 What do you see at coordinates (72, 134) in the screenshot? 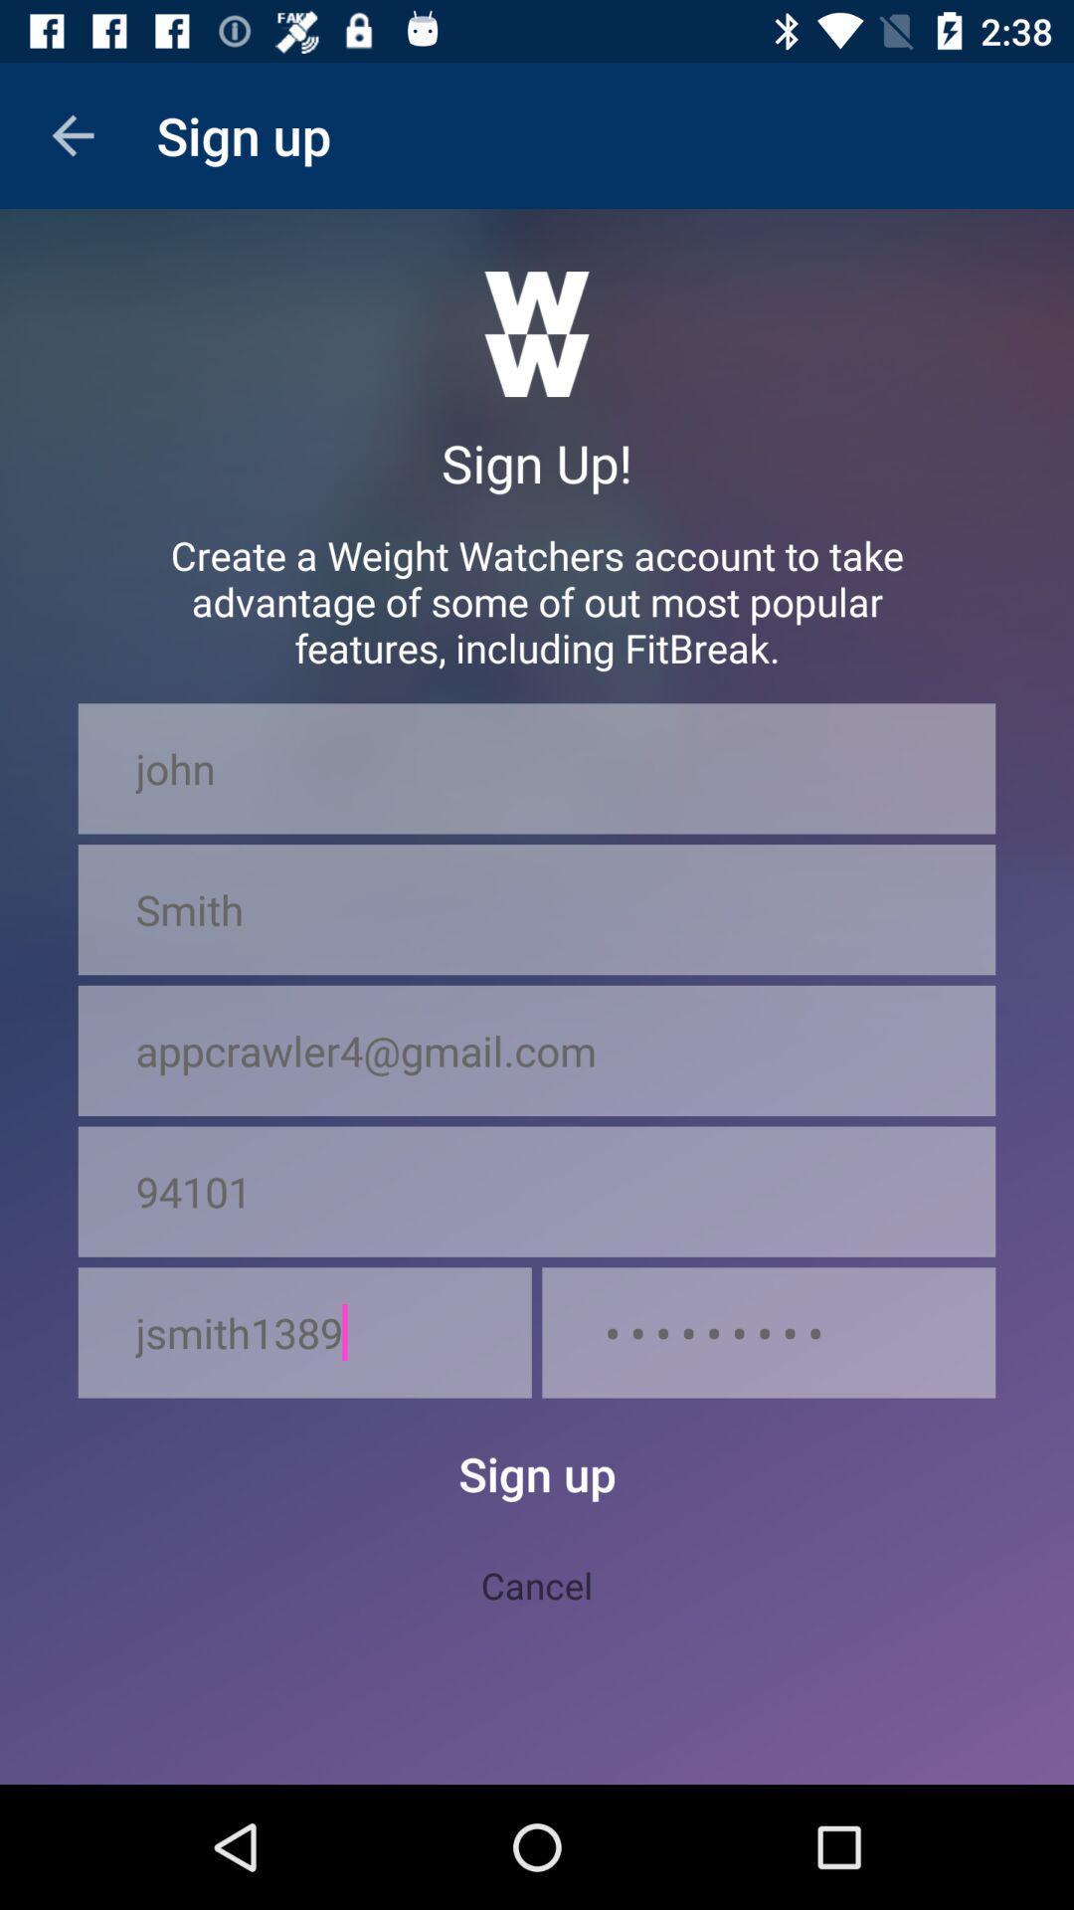
I see `item next to the sign up` at bounding box center [72, 134].